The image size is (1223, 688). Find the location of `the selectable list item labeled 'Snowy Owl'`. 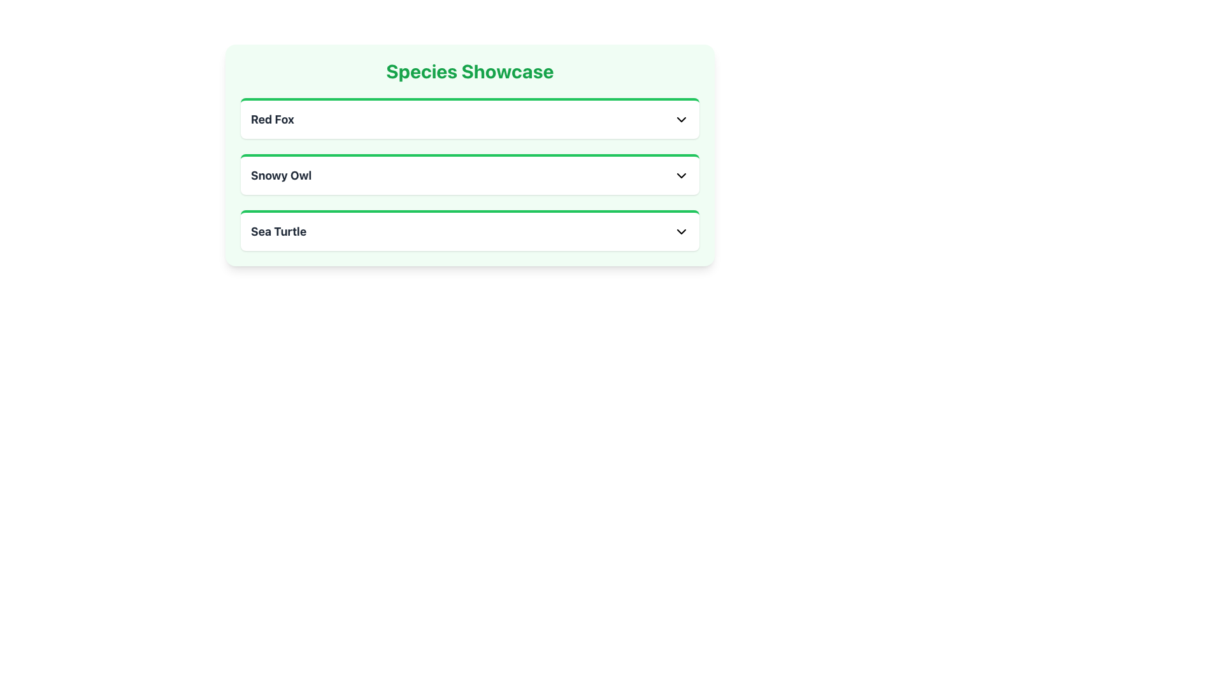

the selectable list item labeled 'Snowy Owl' is located at coordinates (469, 174).